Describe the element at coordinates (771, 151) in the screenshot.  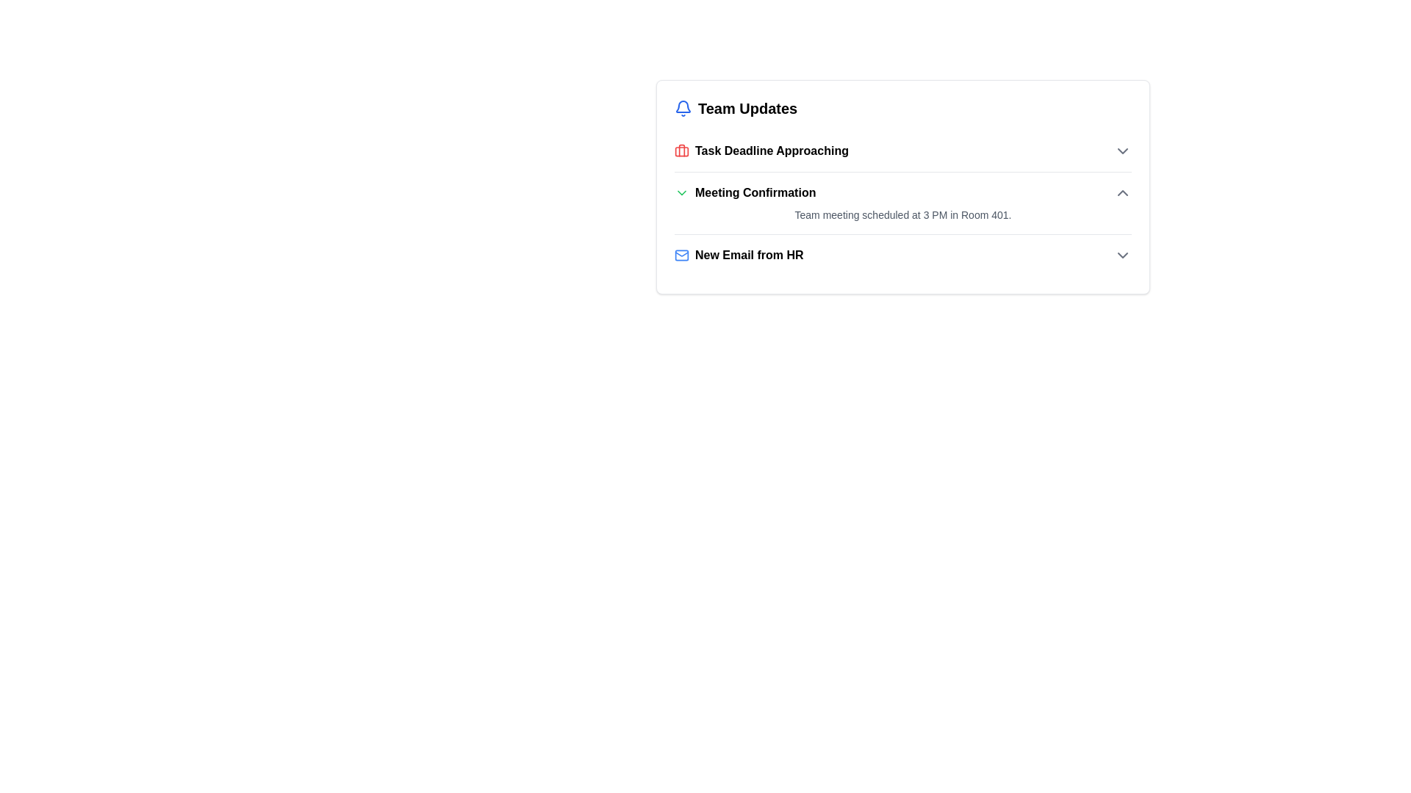
I see `text of the primary notification alerting users about an approaching task deadline, which is the first item in the 'Team Updates' section and features bold text and a red icon` at that location.